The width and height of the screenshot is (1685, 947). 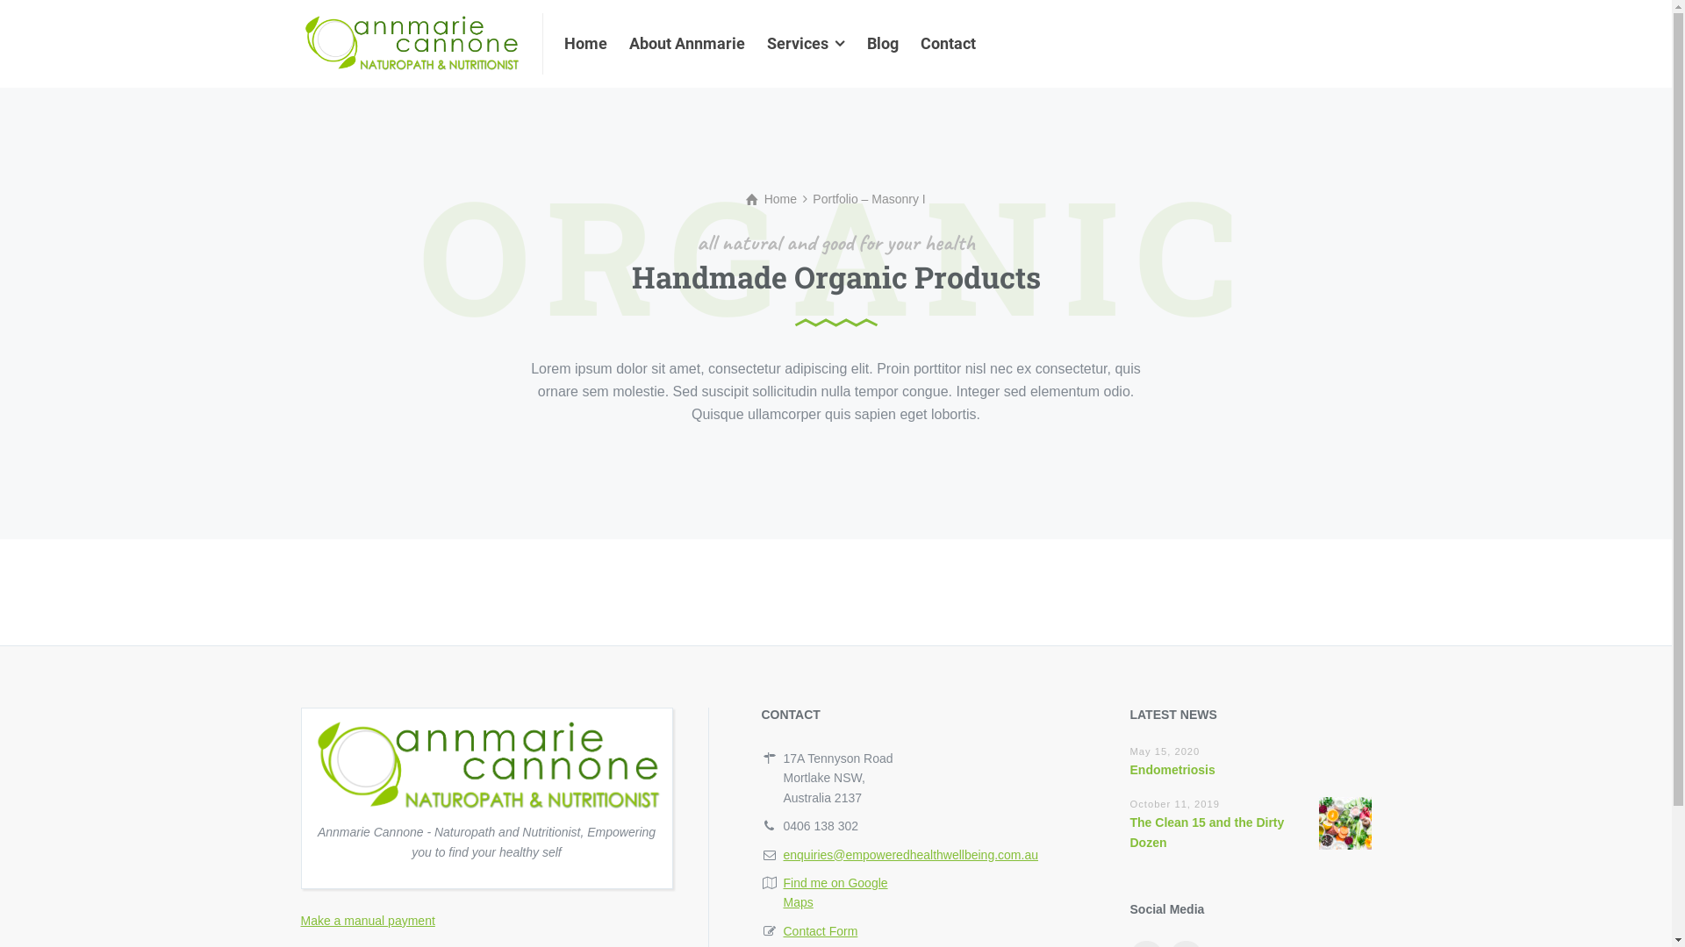 What do you see at coordinates (910, 854) in the screenshot?
I see `'enquiries@empoweredhealthwellbeing.com.au'` at bounding box center [910, 854].